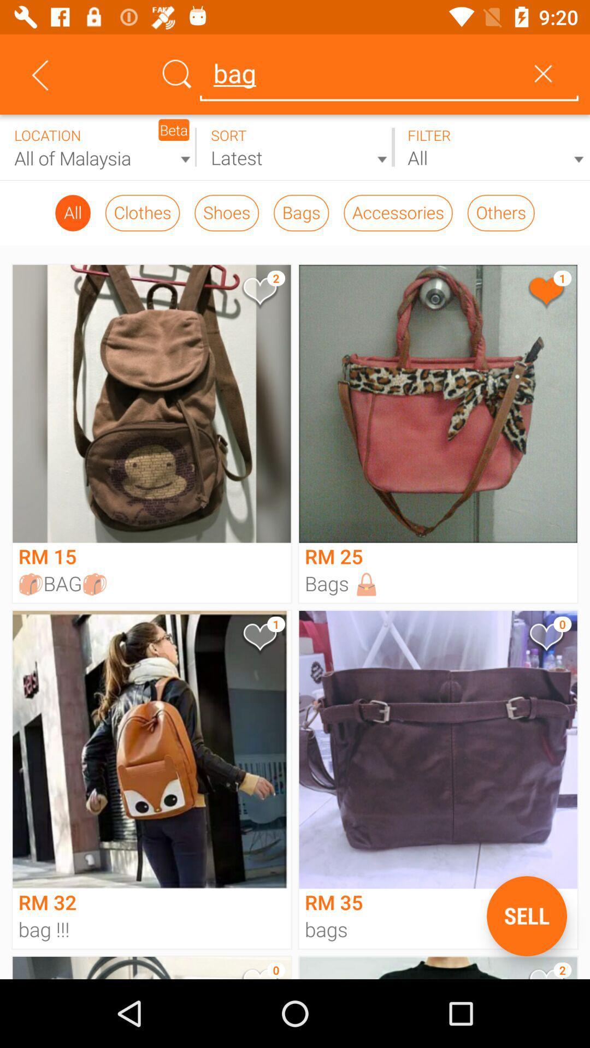 The width and height of the screenshot is (590, 1048). What do you see at coordinates (295, 147) in the screenshot?
I see `sort menu` at bounding box center [295, 147].